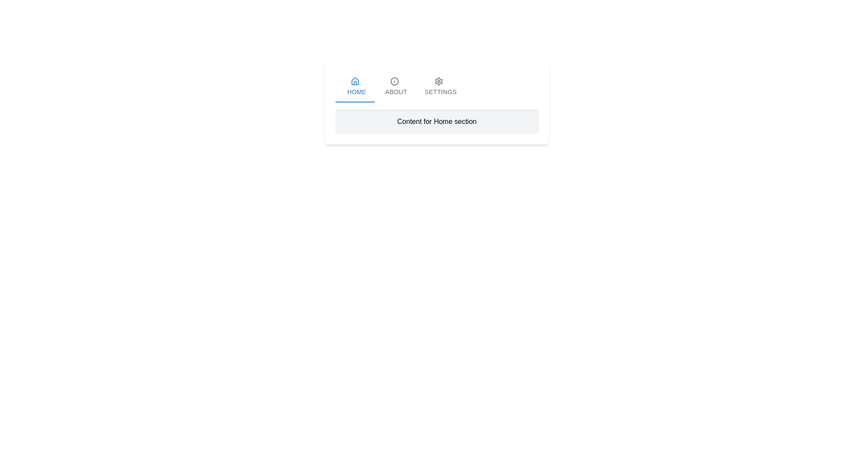 The width and height of the screenshot is (841, 473). I want to click on the 'About' tab component, which is the second tab in a group of three tabs (Home, About, Settings), so click(394, 86).